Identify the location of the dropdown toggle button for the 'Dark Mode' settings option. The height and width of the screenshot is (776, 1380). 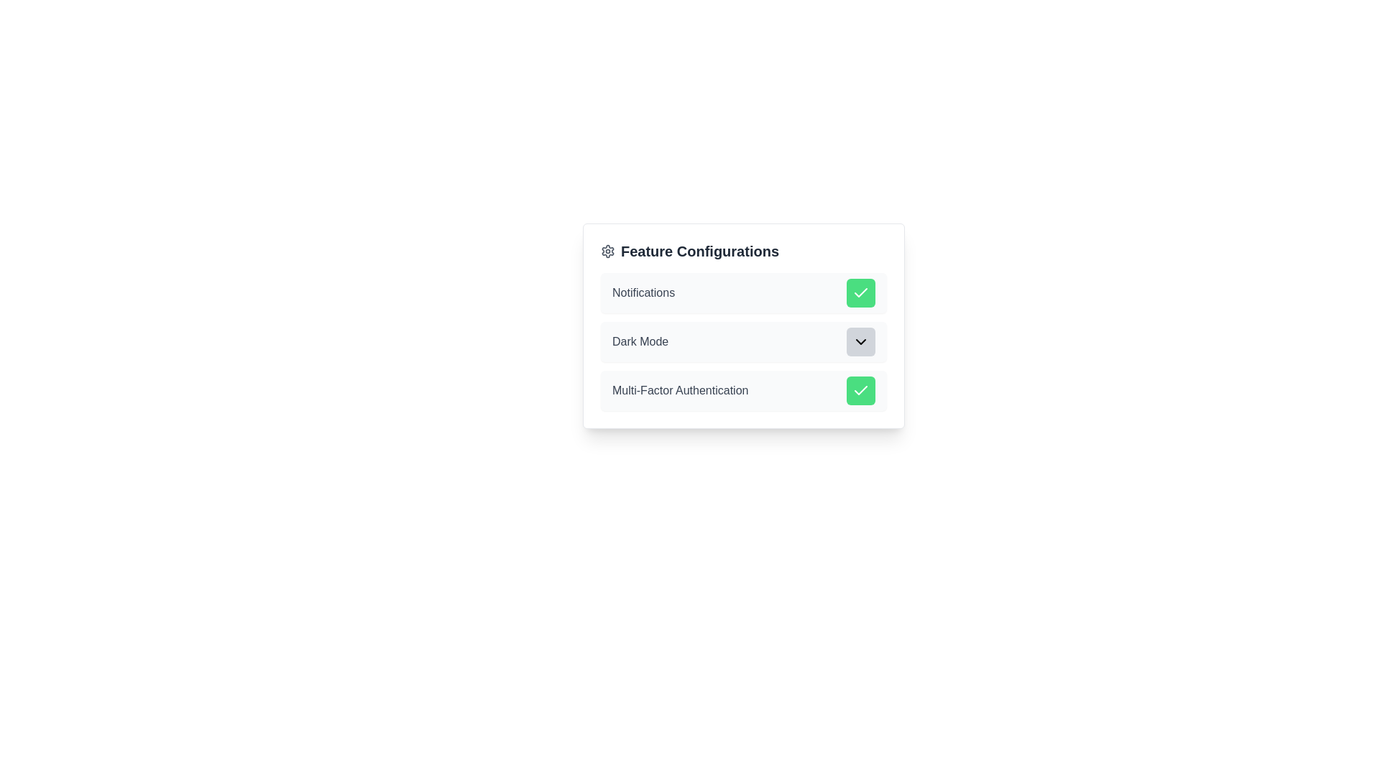
(744, 341).